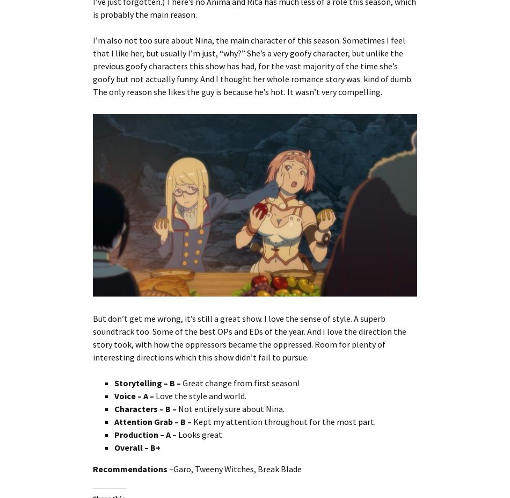  I want to click on '–Garo, Tweeny Witches, Break Blade', so click(234, 468).